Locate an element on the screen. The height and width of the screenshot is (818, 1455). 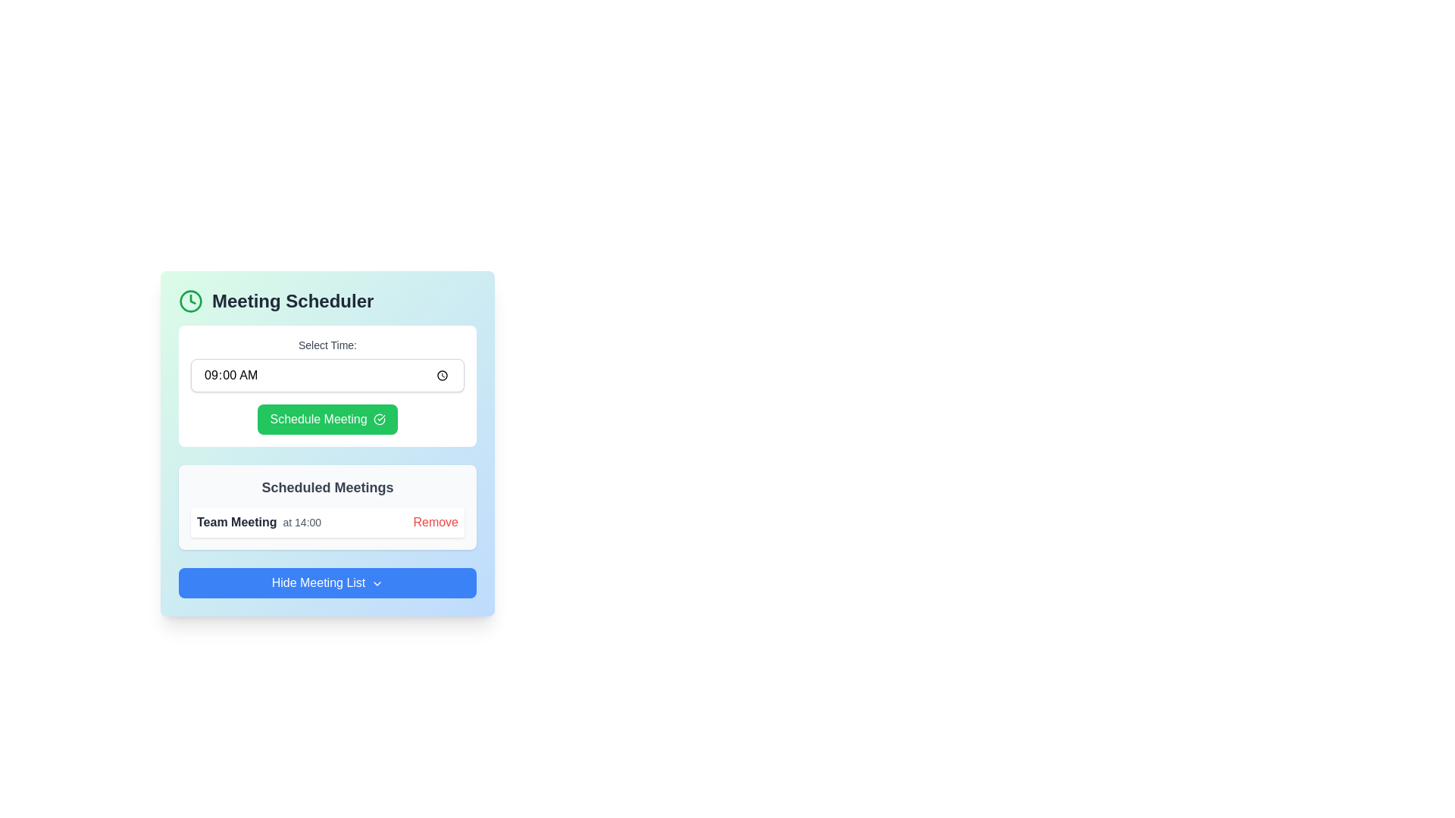
displayed text 'Meeting Scheduler' from the header section featuring a clock icon with a green outline is located at coordinates (327, 301).